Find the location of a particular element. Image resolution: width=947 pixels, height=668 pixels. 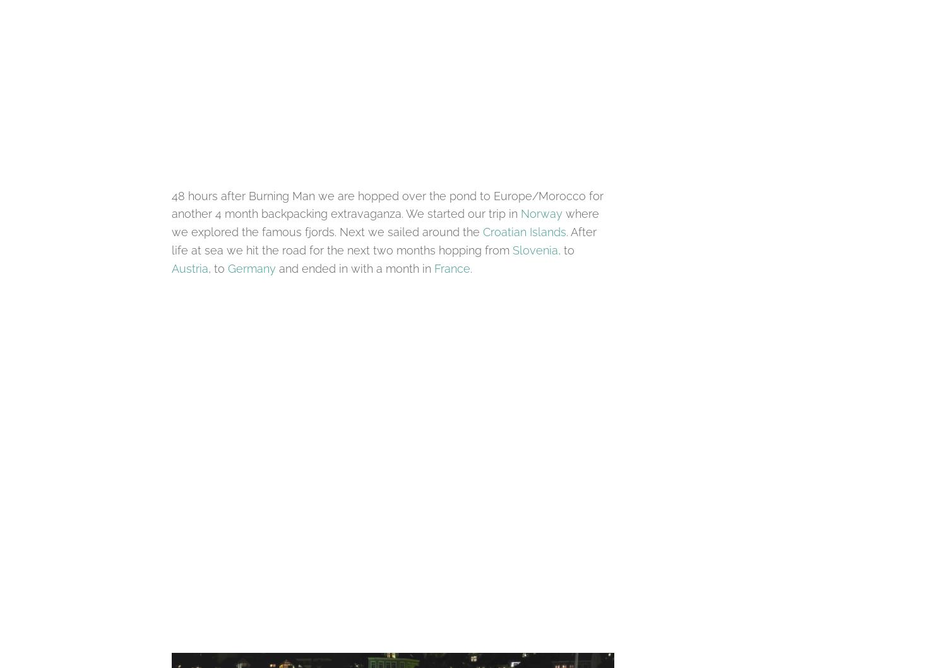

'to' is located at coordinates (567, 250).